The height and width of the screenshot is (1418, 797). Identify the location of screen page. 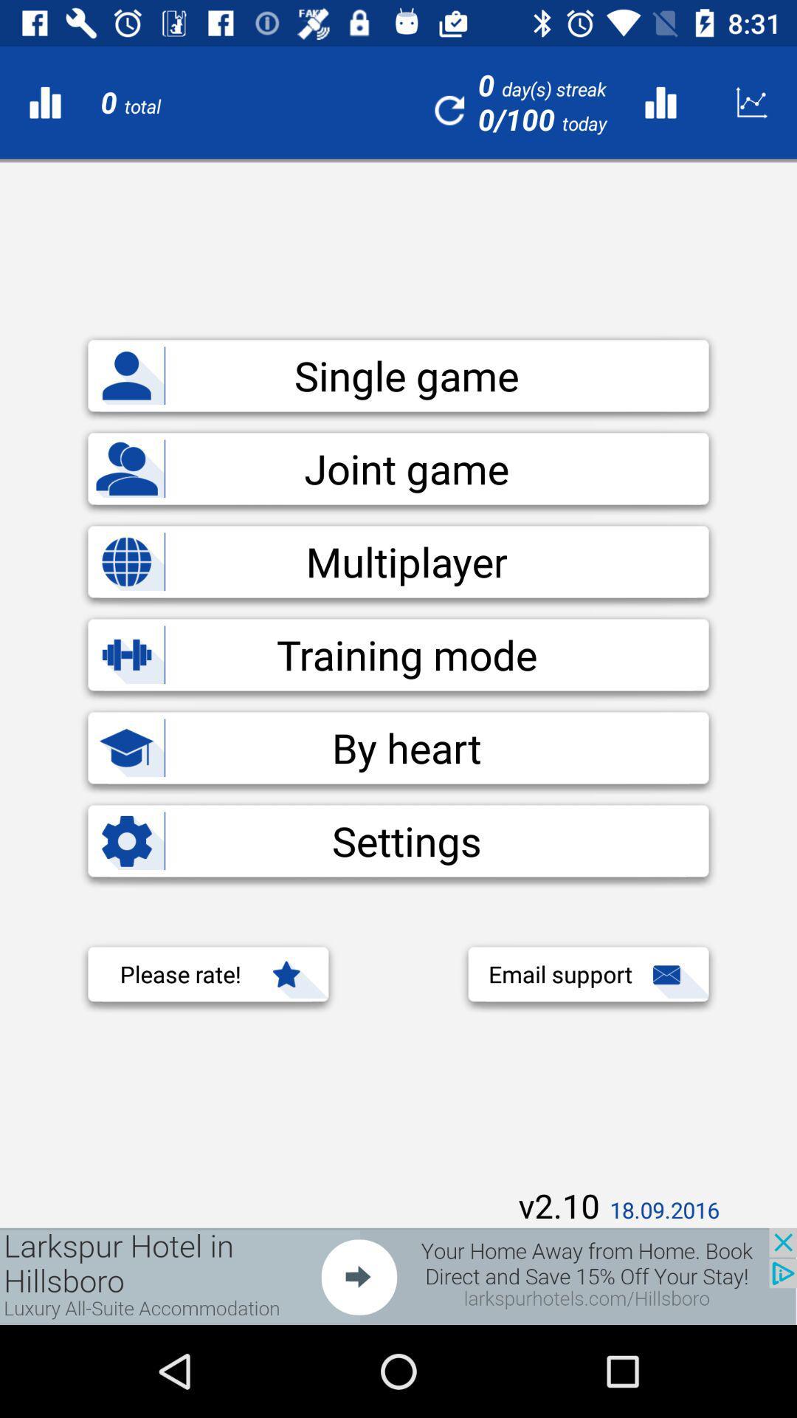
(398, 1275).